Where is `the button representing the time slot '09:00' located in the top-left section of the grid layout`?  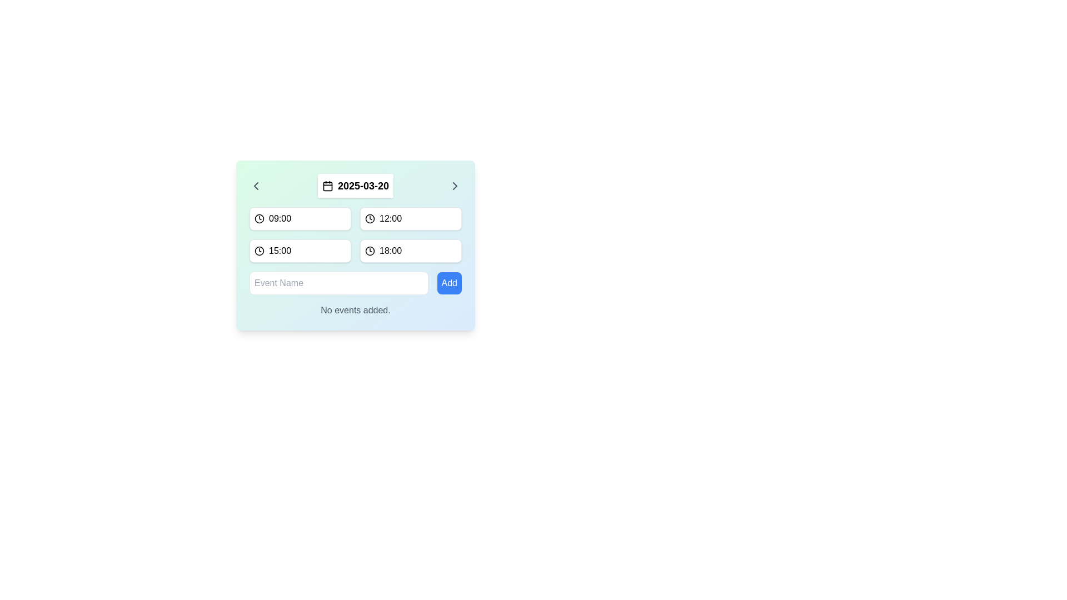
the button representing the time slot '09:00' located in the top-left section of the grid layout is located at coordinates (300, 218).